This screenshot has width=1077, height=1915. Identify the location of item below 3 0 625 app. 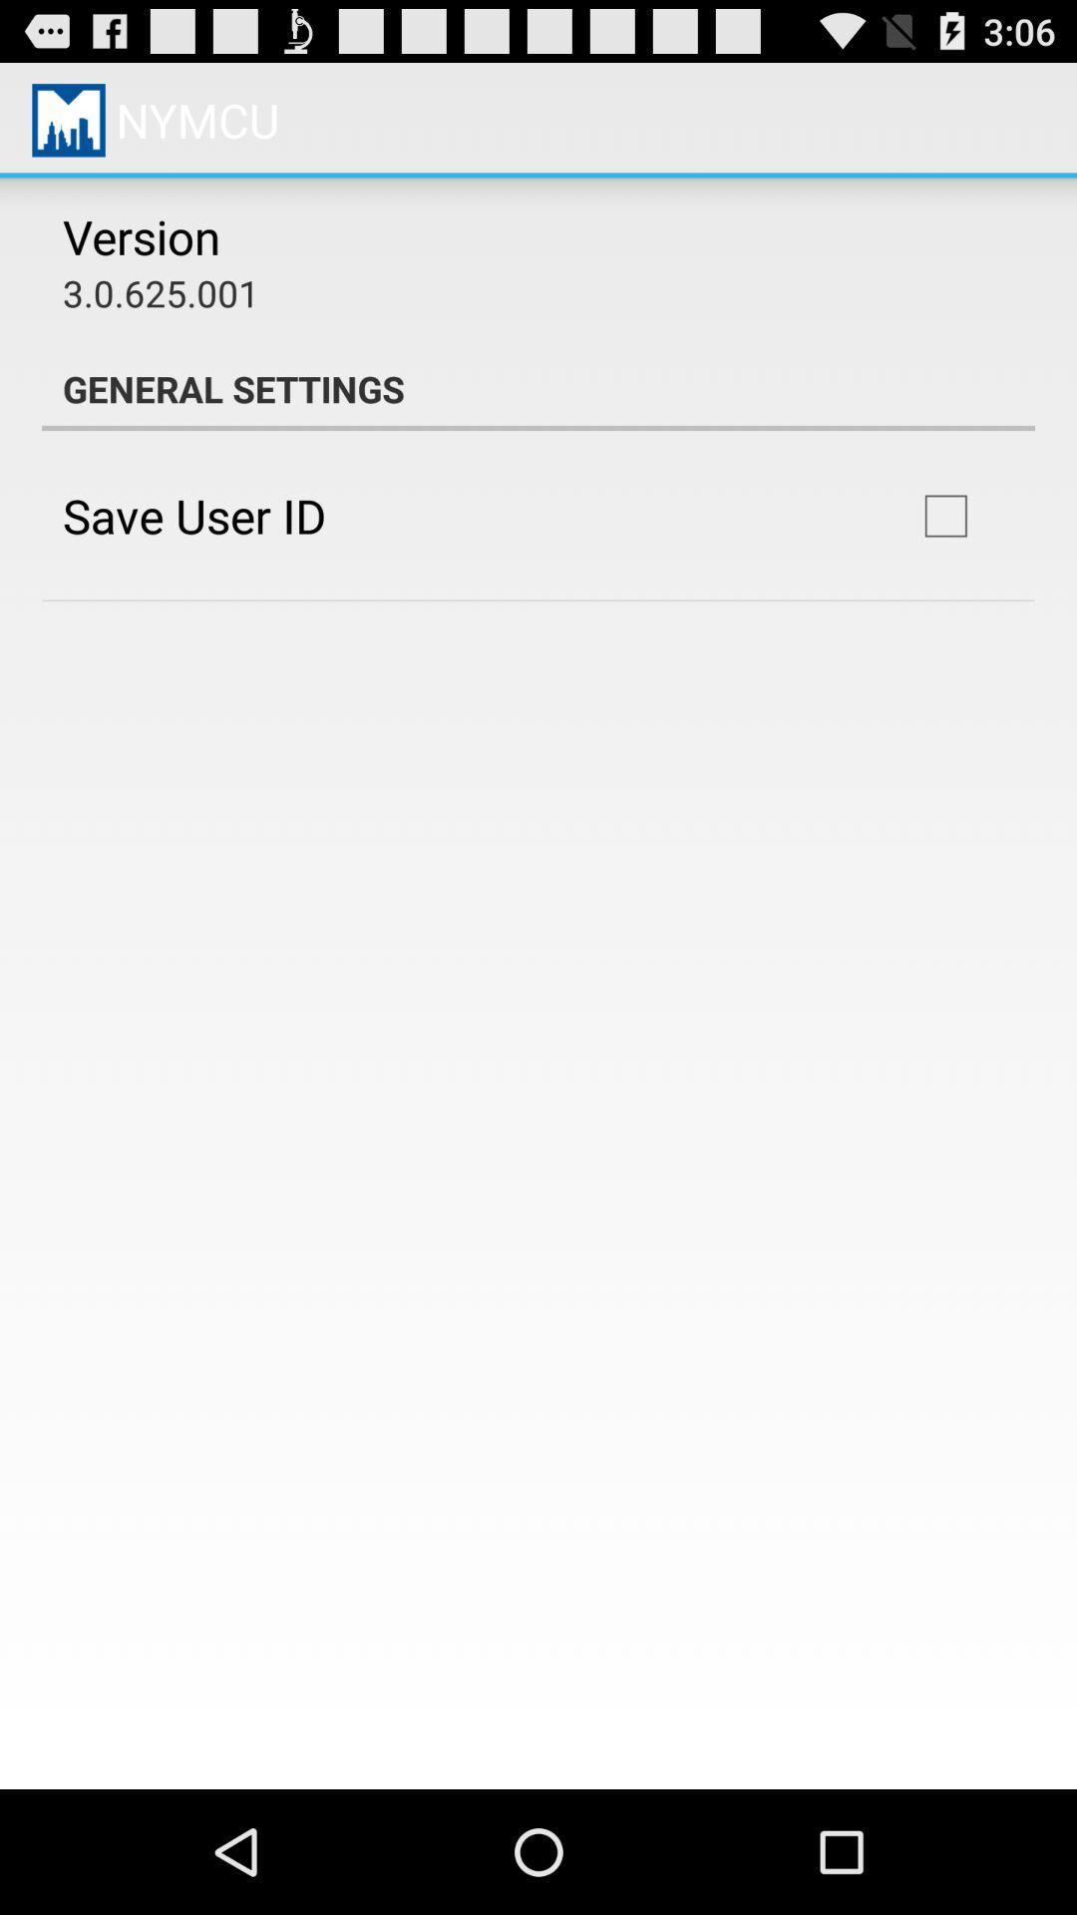
(538, 388).